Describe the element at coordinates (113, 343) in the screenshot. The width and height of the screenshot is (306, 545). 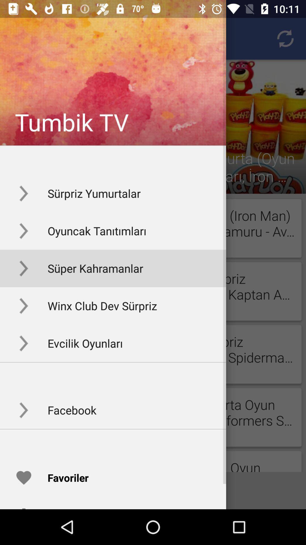
I see `the fifth option` at that location.